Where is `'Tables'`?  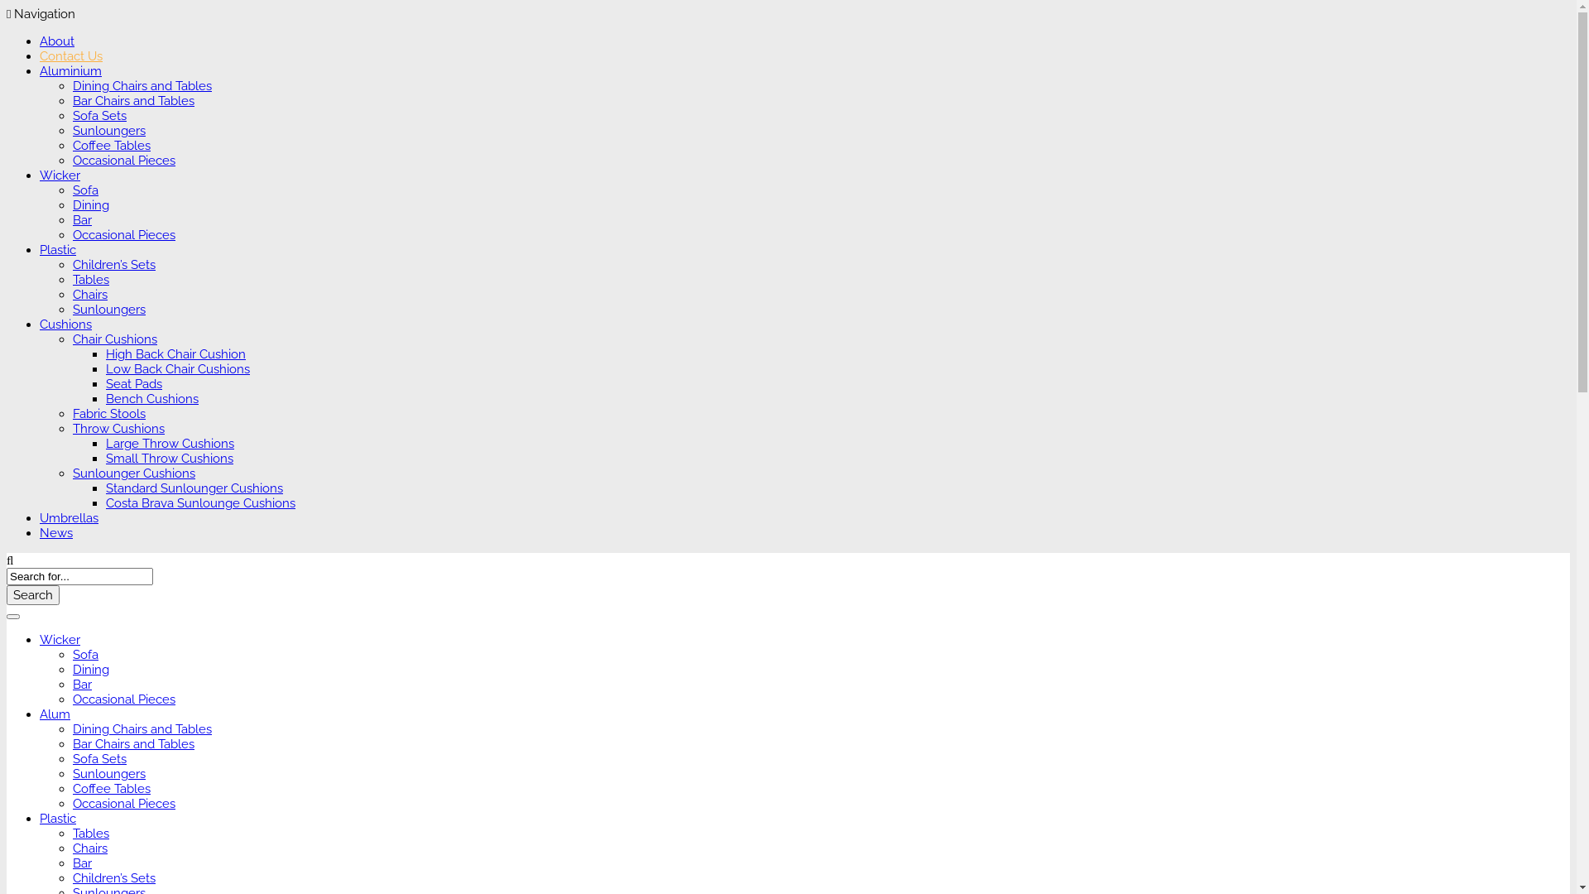
'Tables' is located at coordinates (71, 833).